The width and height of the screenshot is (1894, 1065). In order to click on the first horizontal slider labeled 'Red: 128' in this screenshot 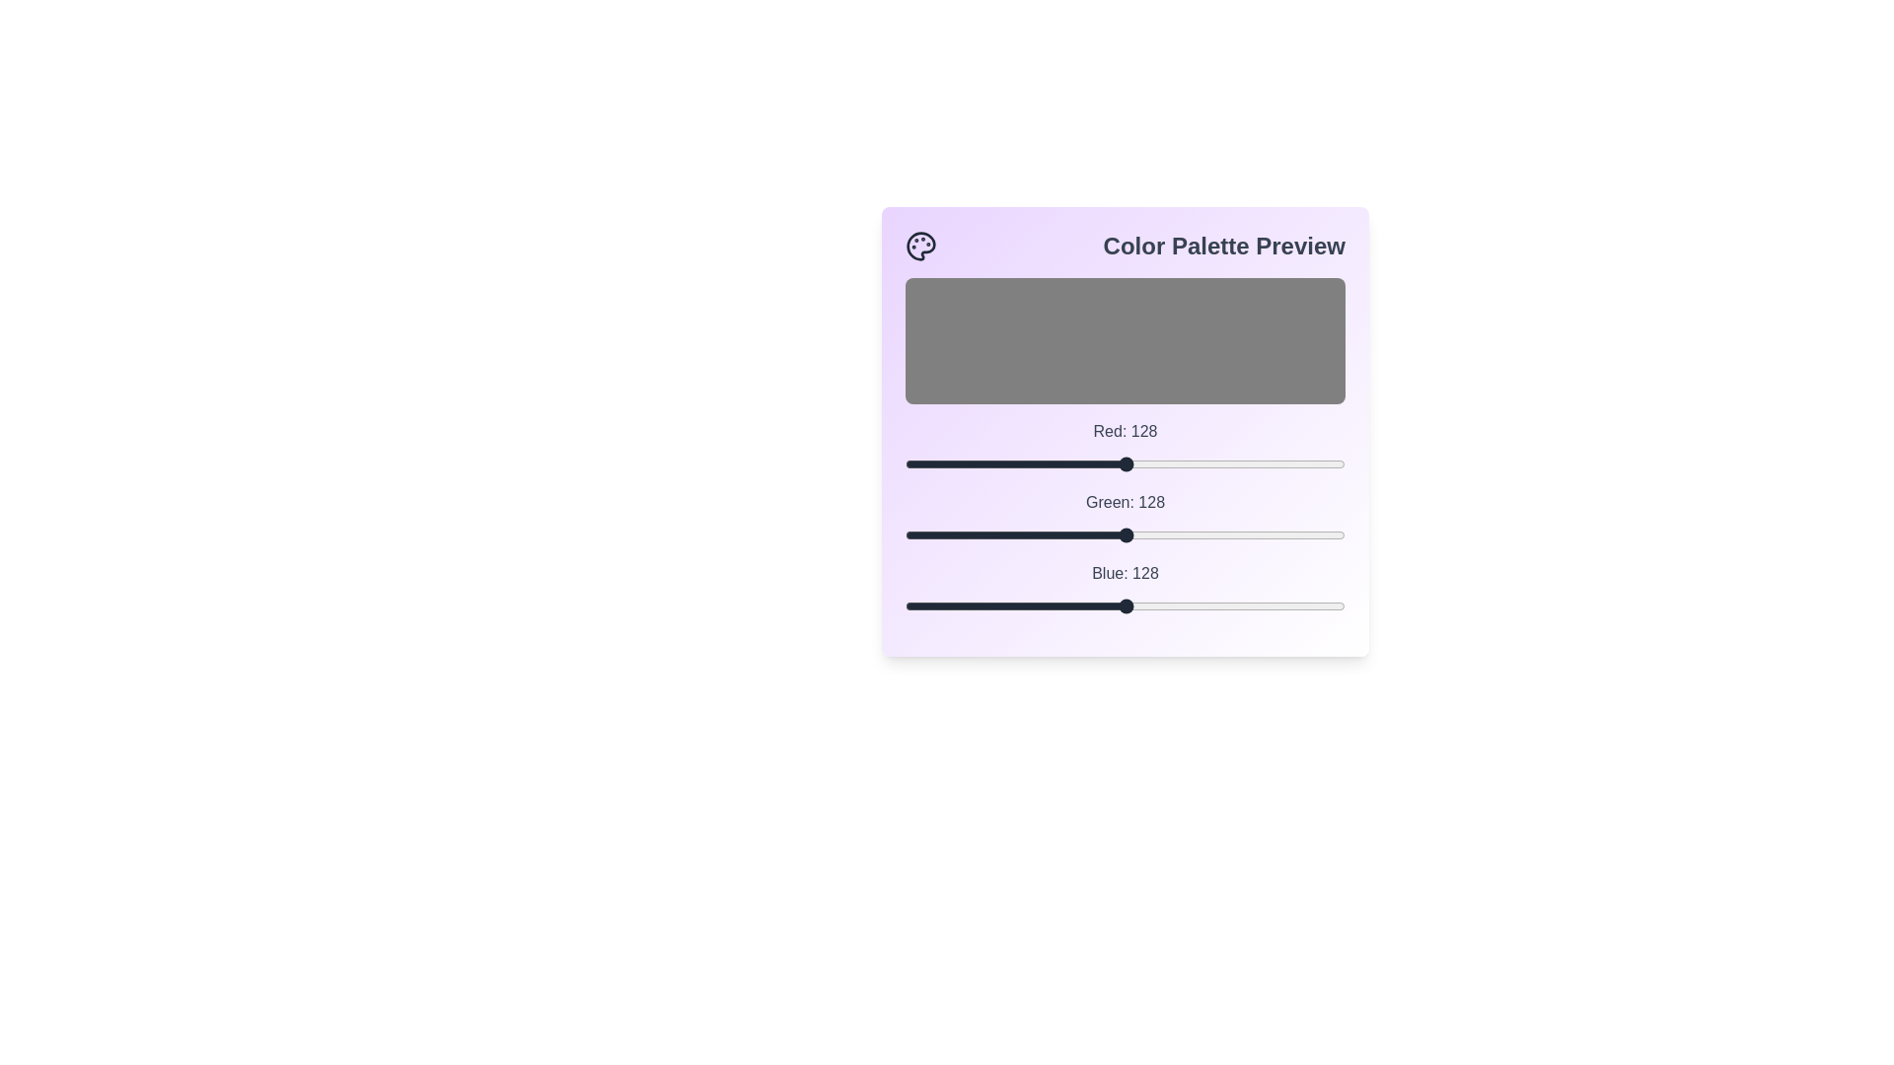, I will do `click(1126, 463)`.